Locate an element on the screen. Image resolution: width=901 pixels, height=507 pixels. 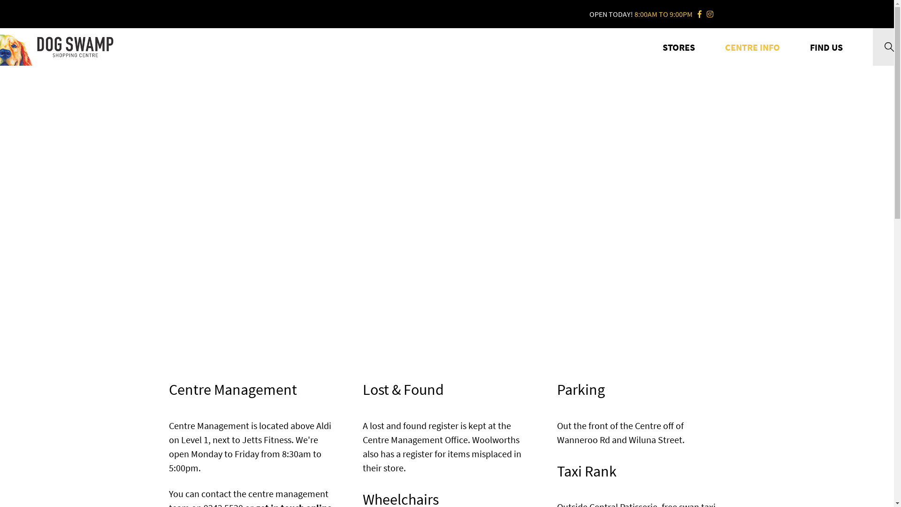
'CENTRE INFO' is located at coordinates (752, 47).